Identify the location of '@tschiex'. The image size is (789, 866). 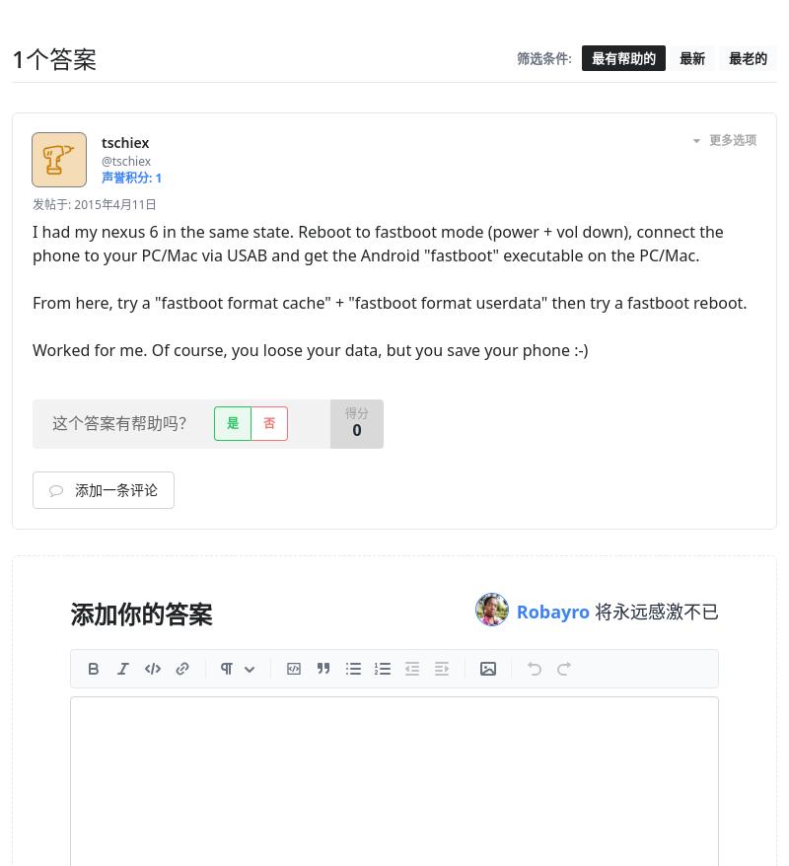
(101, 160).